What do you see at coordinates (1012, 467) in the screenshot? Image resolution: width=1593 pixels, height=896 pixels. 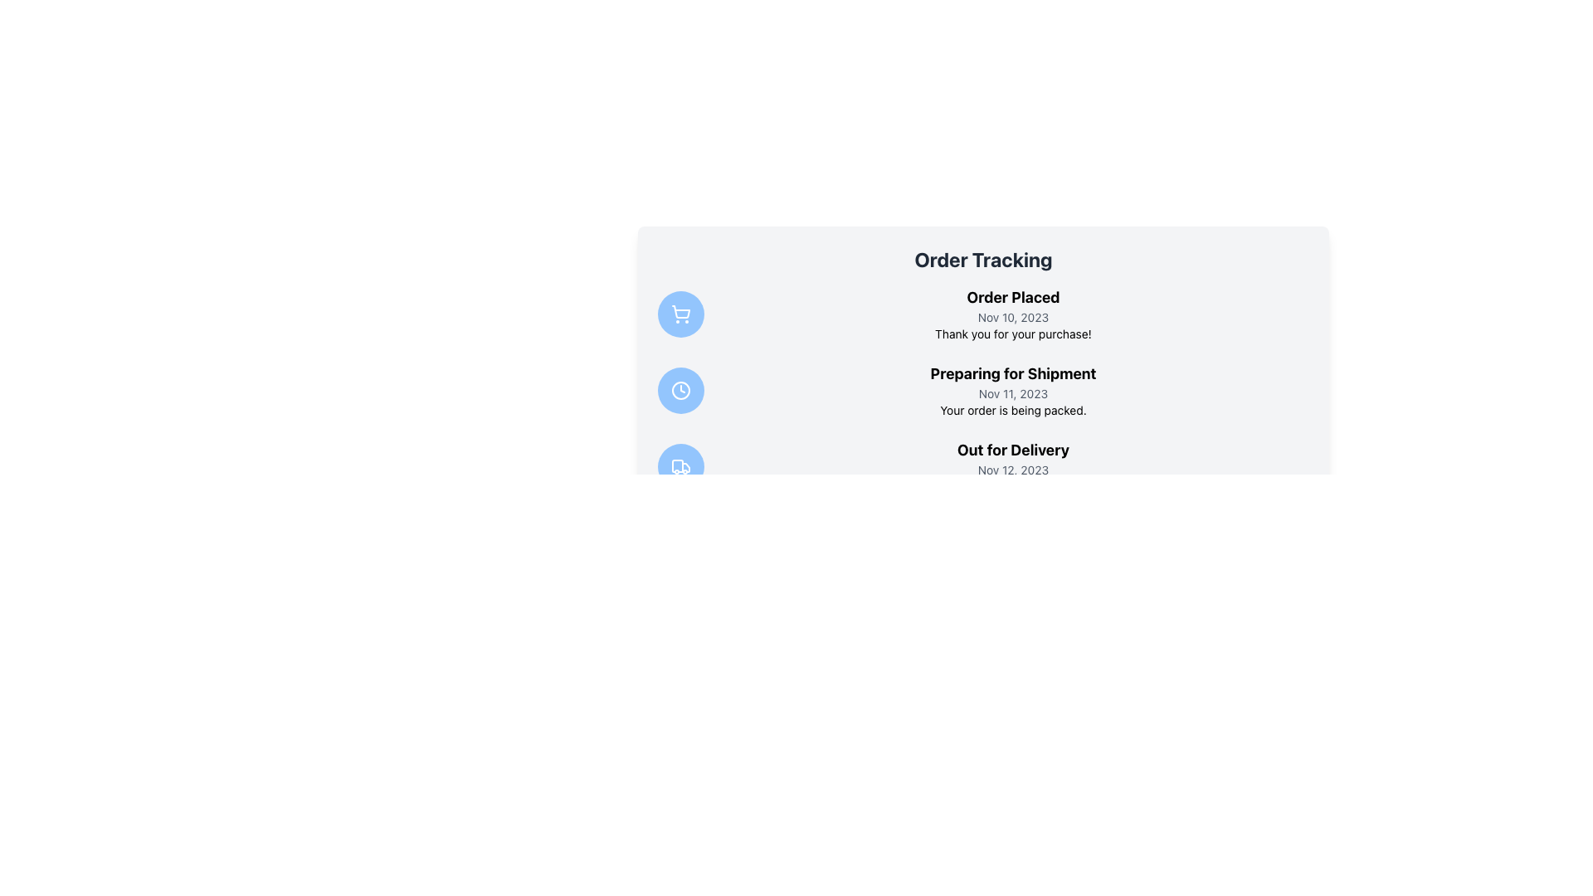 I see `delivery information from the text block indicating the courier's action and timestamp, positioned in the 'Order Tracking' section as the third block below 'Order Placed' and 'Preparing for Shipment'` at bounding box center [1012, 467].